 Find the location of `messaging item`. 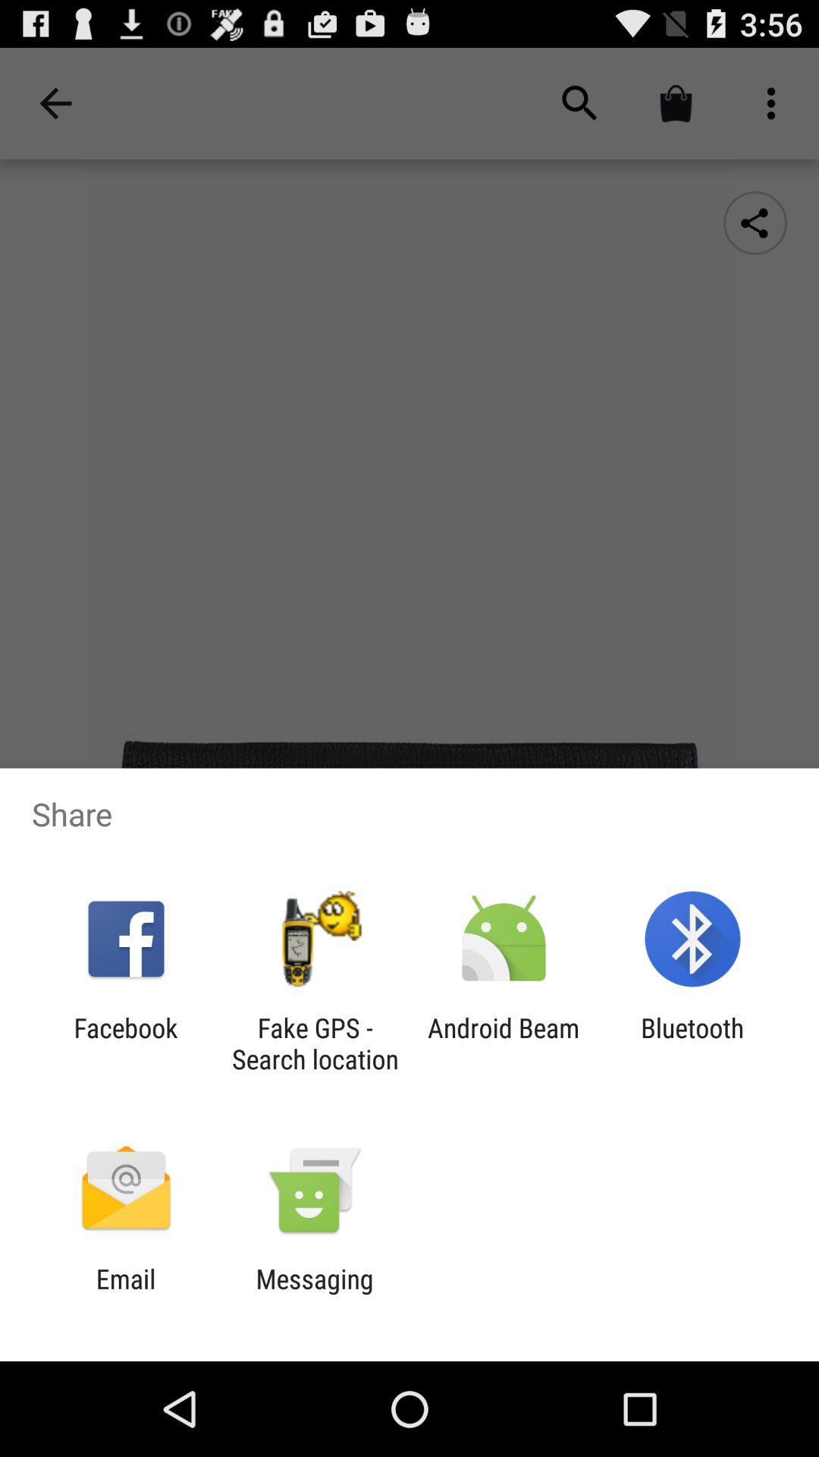

messaging item is located at coordinates (314, 1294).